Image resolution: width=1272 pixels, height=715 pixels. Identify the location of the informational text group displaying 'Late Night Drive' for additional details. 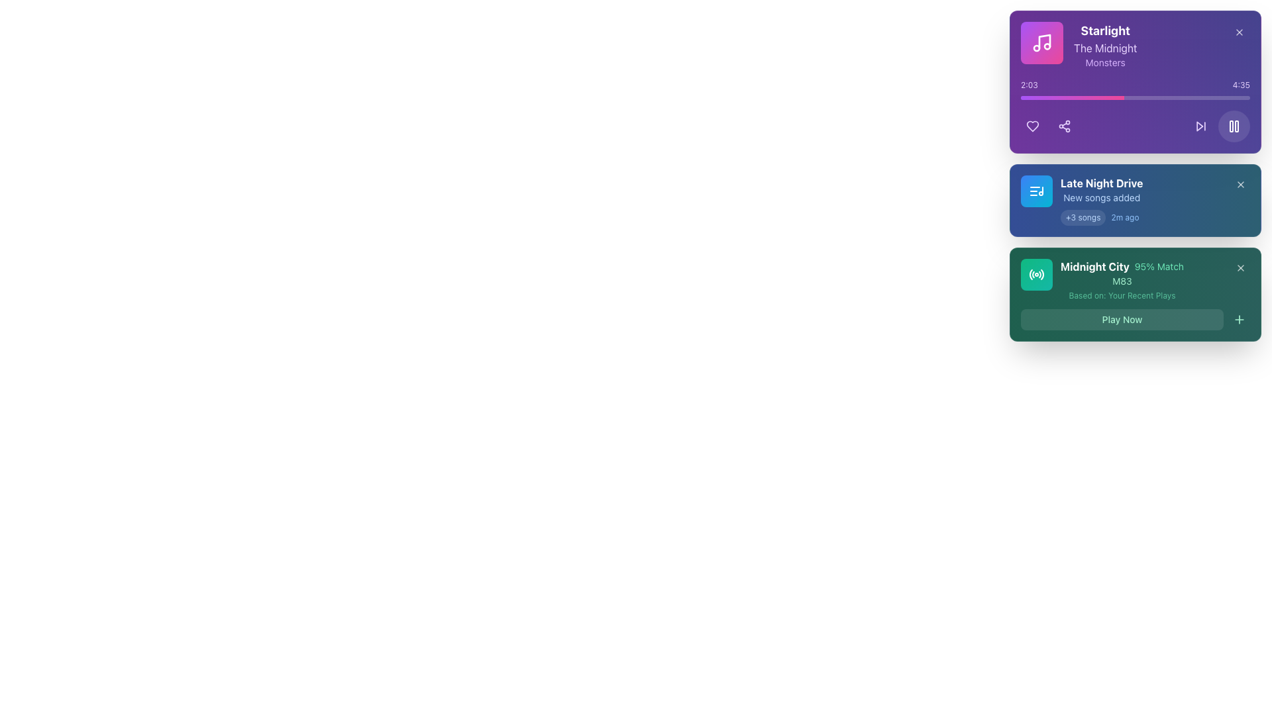
(1102, 201).